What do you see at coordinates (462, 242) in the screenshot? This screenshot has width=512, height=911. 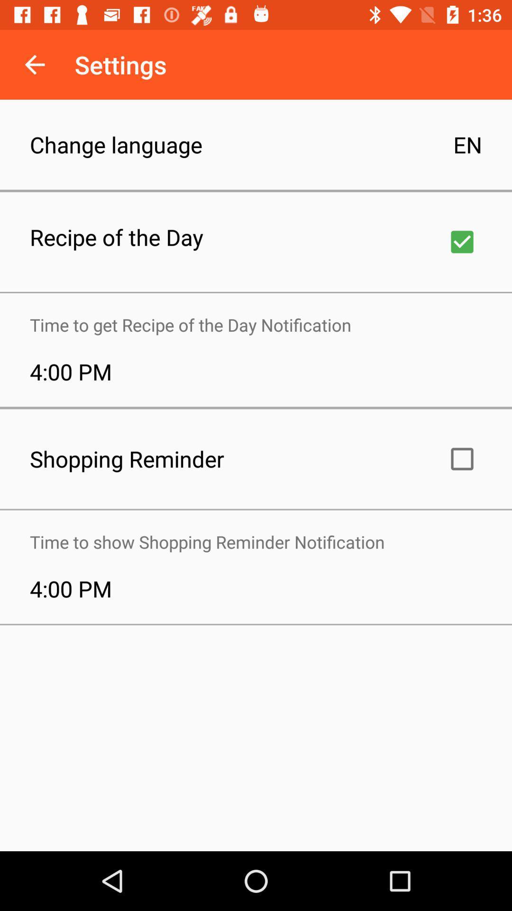 I see `control whether i receive recipe of the day` at bounding box center [462, 242].